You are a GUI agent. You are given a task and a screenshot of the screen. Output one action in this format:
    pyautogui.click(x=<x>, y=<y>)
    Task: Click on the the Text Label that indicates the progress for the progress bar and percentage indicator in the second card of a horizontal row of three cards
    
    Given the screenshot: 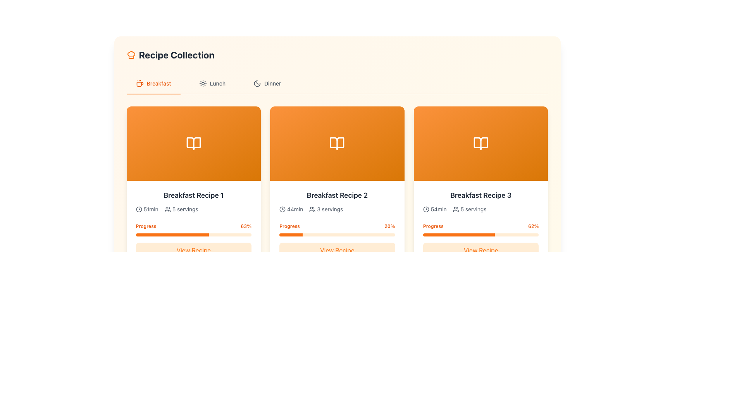 What is the action you would take?
    pyautogui.click(x=289, y=226)
    